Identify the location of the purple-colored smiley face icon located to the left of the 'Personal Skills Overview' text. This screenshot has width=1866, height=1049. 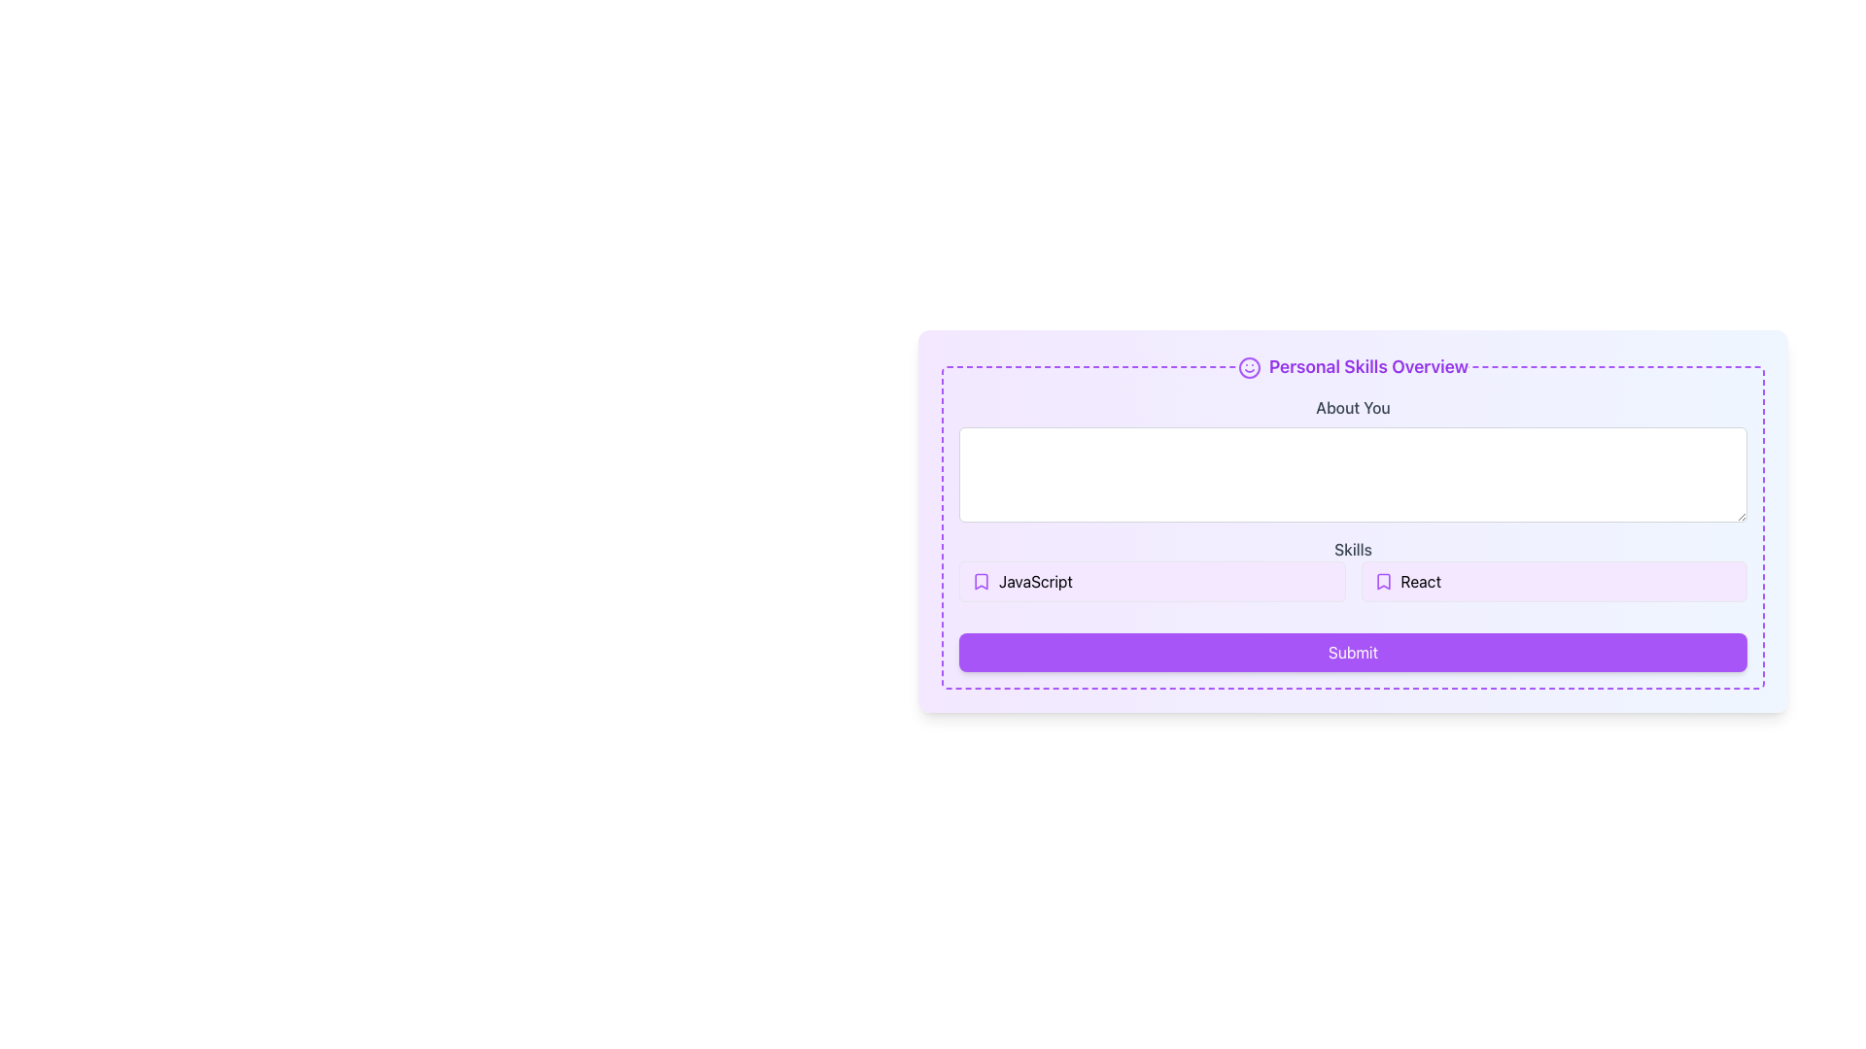
(1250, 368).